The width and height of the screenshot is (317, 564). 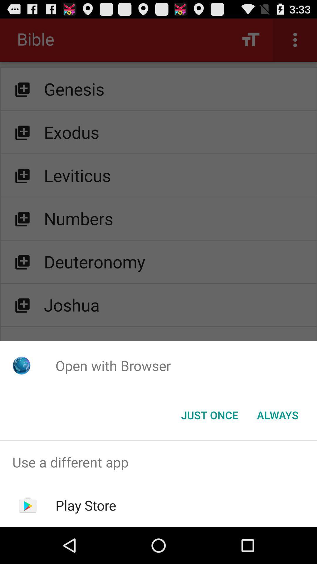 What do you see at coordinates (209, 414) in the screenshot?
I see `button to the left of always button` at bounding box center [209, 414].